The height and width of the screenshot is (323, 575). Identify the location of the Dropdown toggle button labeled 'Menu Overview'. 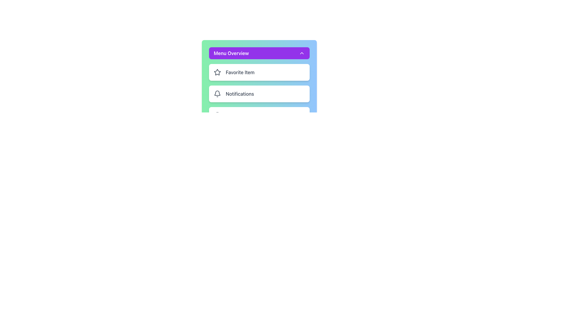
(259, 53).